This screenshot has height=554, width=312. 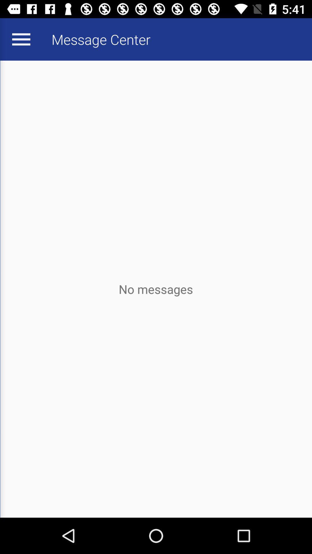 What do you see at coordinates (21, 39) in the screenshot?
I see `app to the left of the message center` at bounding box center [21, 39].